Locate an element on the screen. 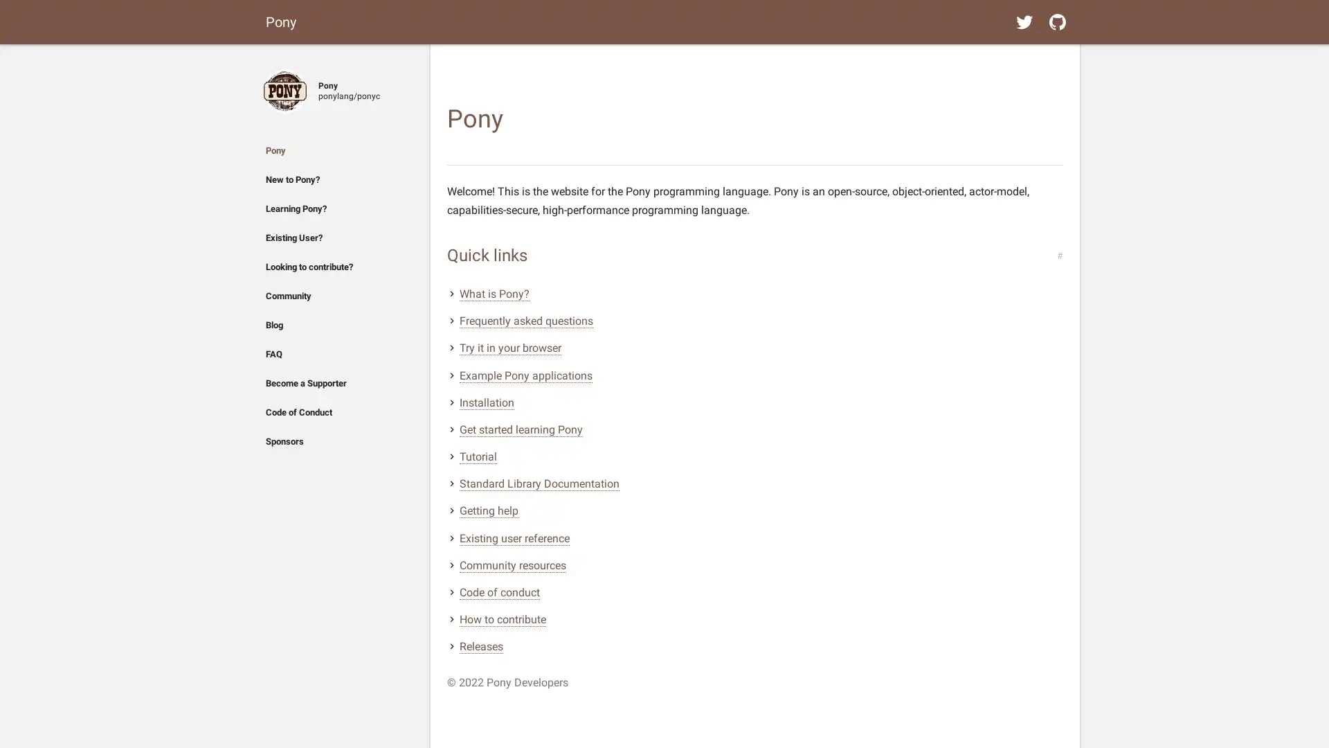 The image size is (1329, 748). Close is located at coordinates (271, 60).